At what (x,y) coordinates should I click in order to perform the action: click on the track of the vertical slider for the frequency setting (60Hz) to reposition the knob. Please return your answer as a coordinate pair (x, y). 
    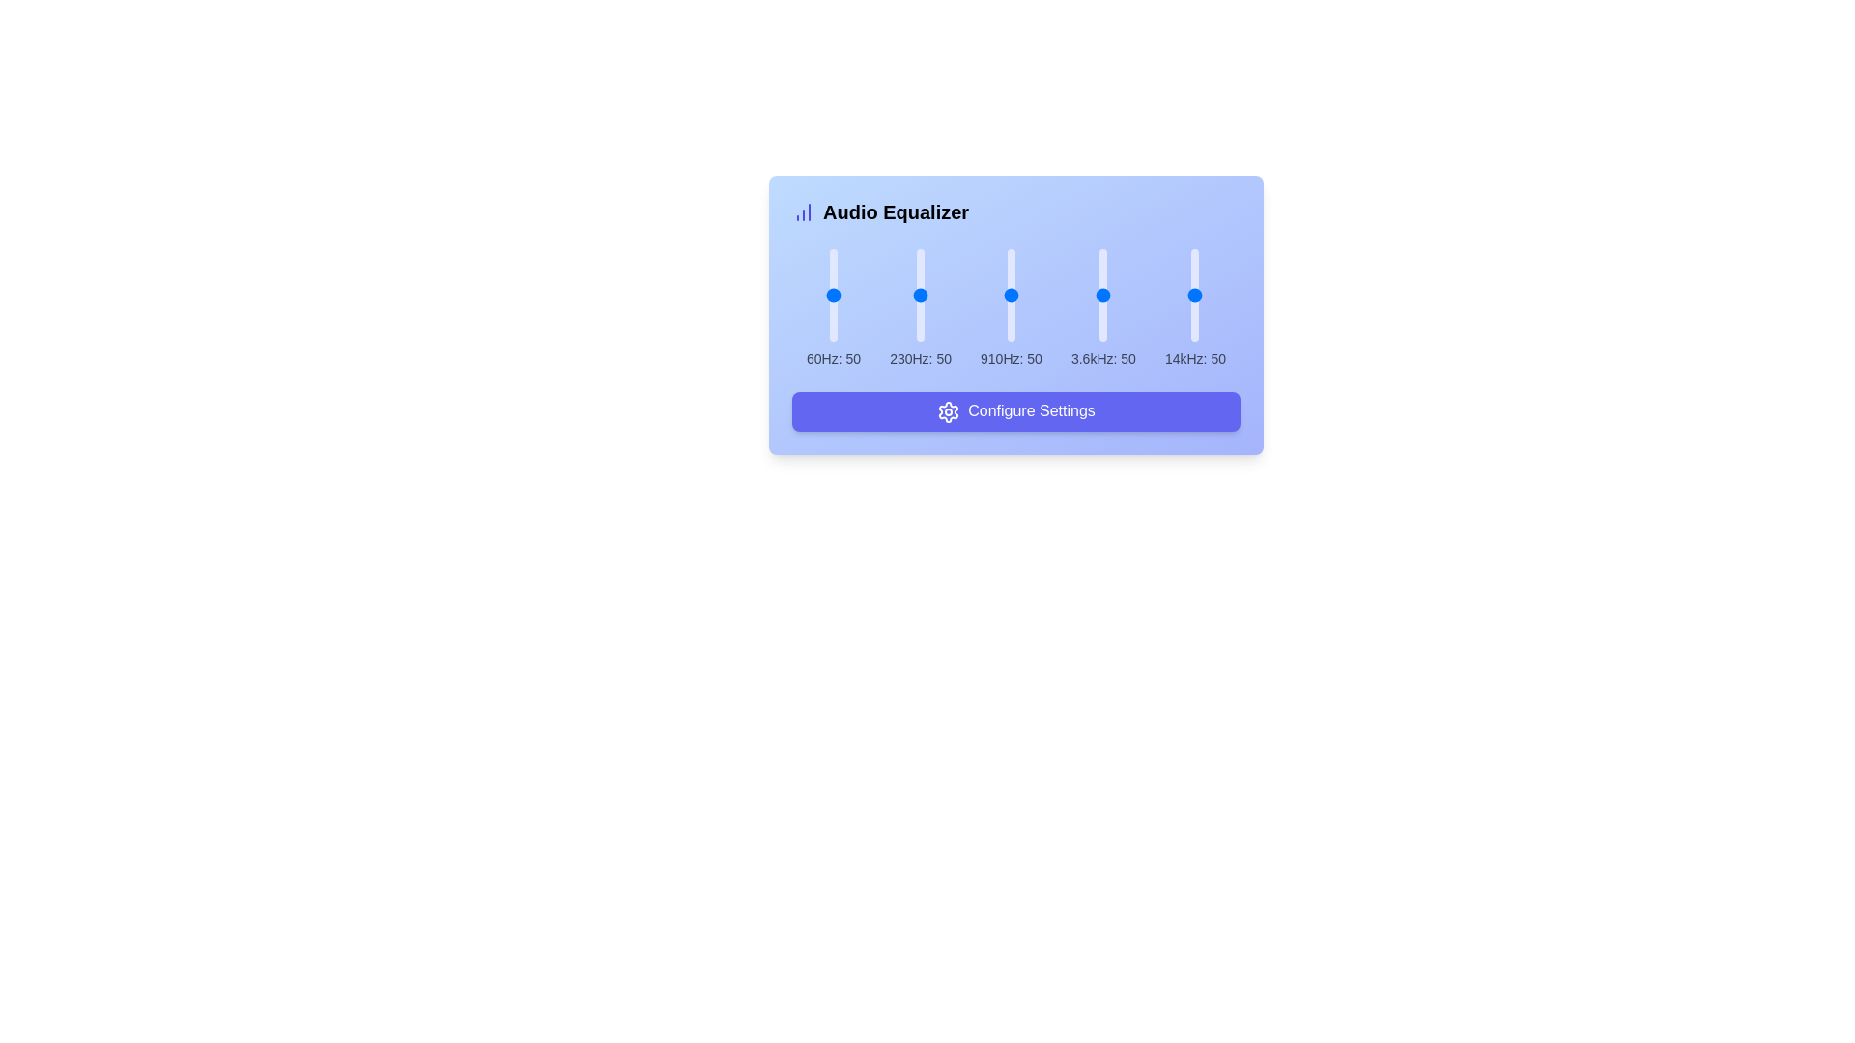
    Looking at the image, I should click on (834, 295).